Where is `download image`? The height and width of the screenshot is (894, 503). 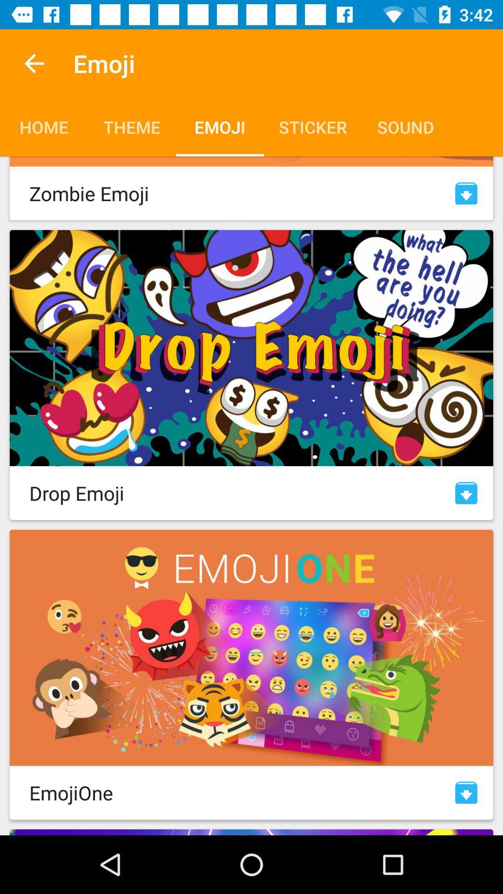
download image is located at coordinates (466, 493).